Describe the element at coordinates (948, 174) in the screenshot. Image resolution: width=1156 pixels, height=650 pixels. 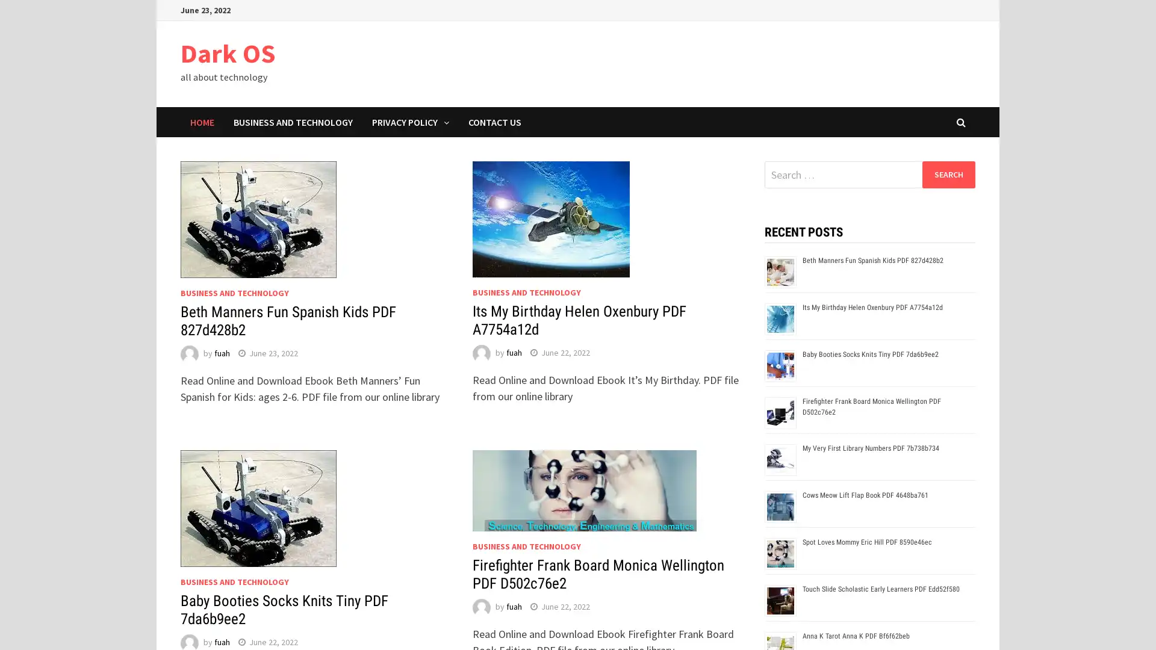
I see `Search` at that location.